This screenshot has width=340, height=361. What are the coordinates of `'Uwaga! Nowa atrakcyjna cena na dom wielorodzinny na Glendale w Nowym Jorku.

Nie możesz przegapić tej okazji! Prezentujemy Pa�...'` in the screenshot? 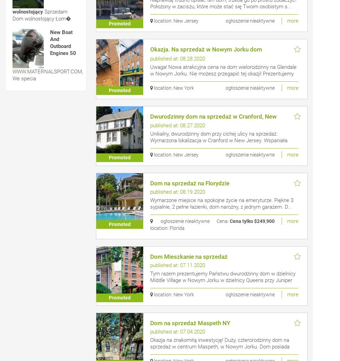 It's located at (223, 73).